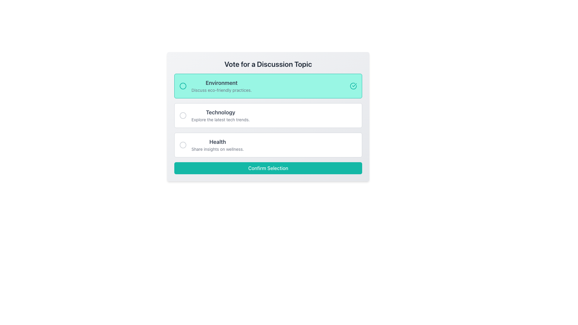  I want to click on the third selectable item labeled 'Health' with a circular radio button, so click(212, 145).